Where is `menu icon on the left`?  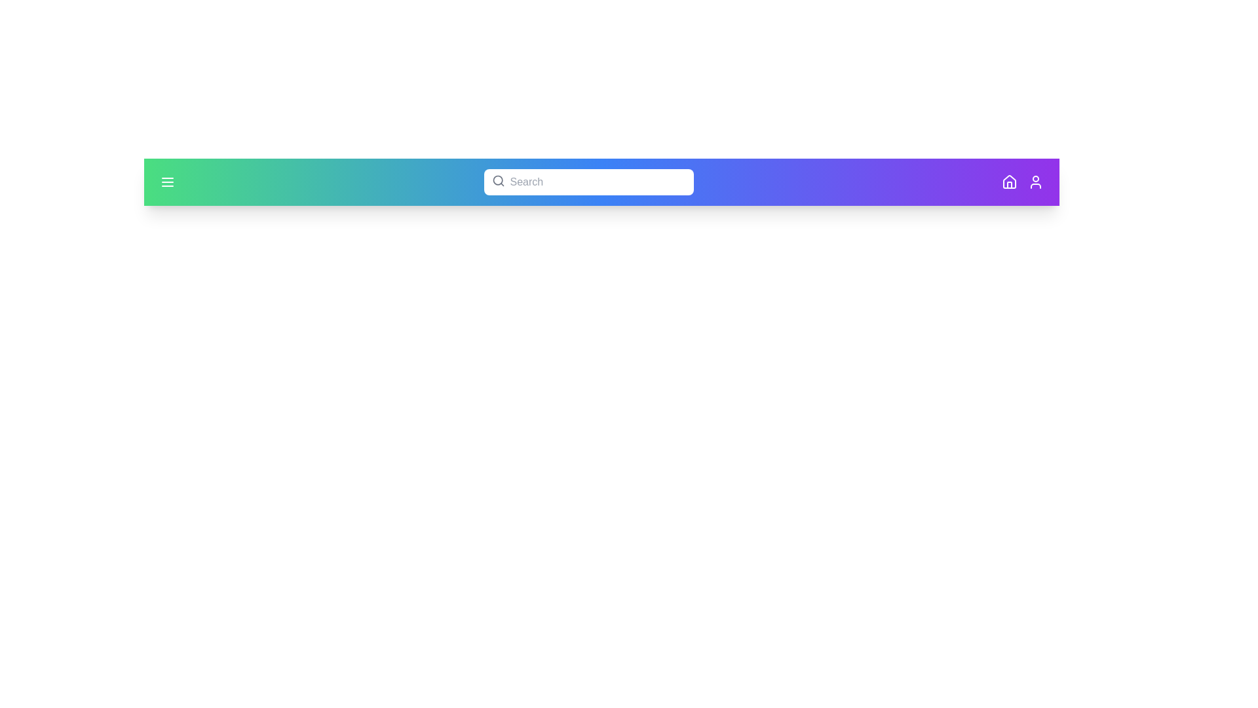 menu icon on the left is located at coordinates (166, 182).